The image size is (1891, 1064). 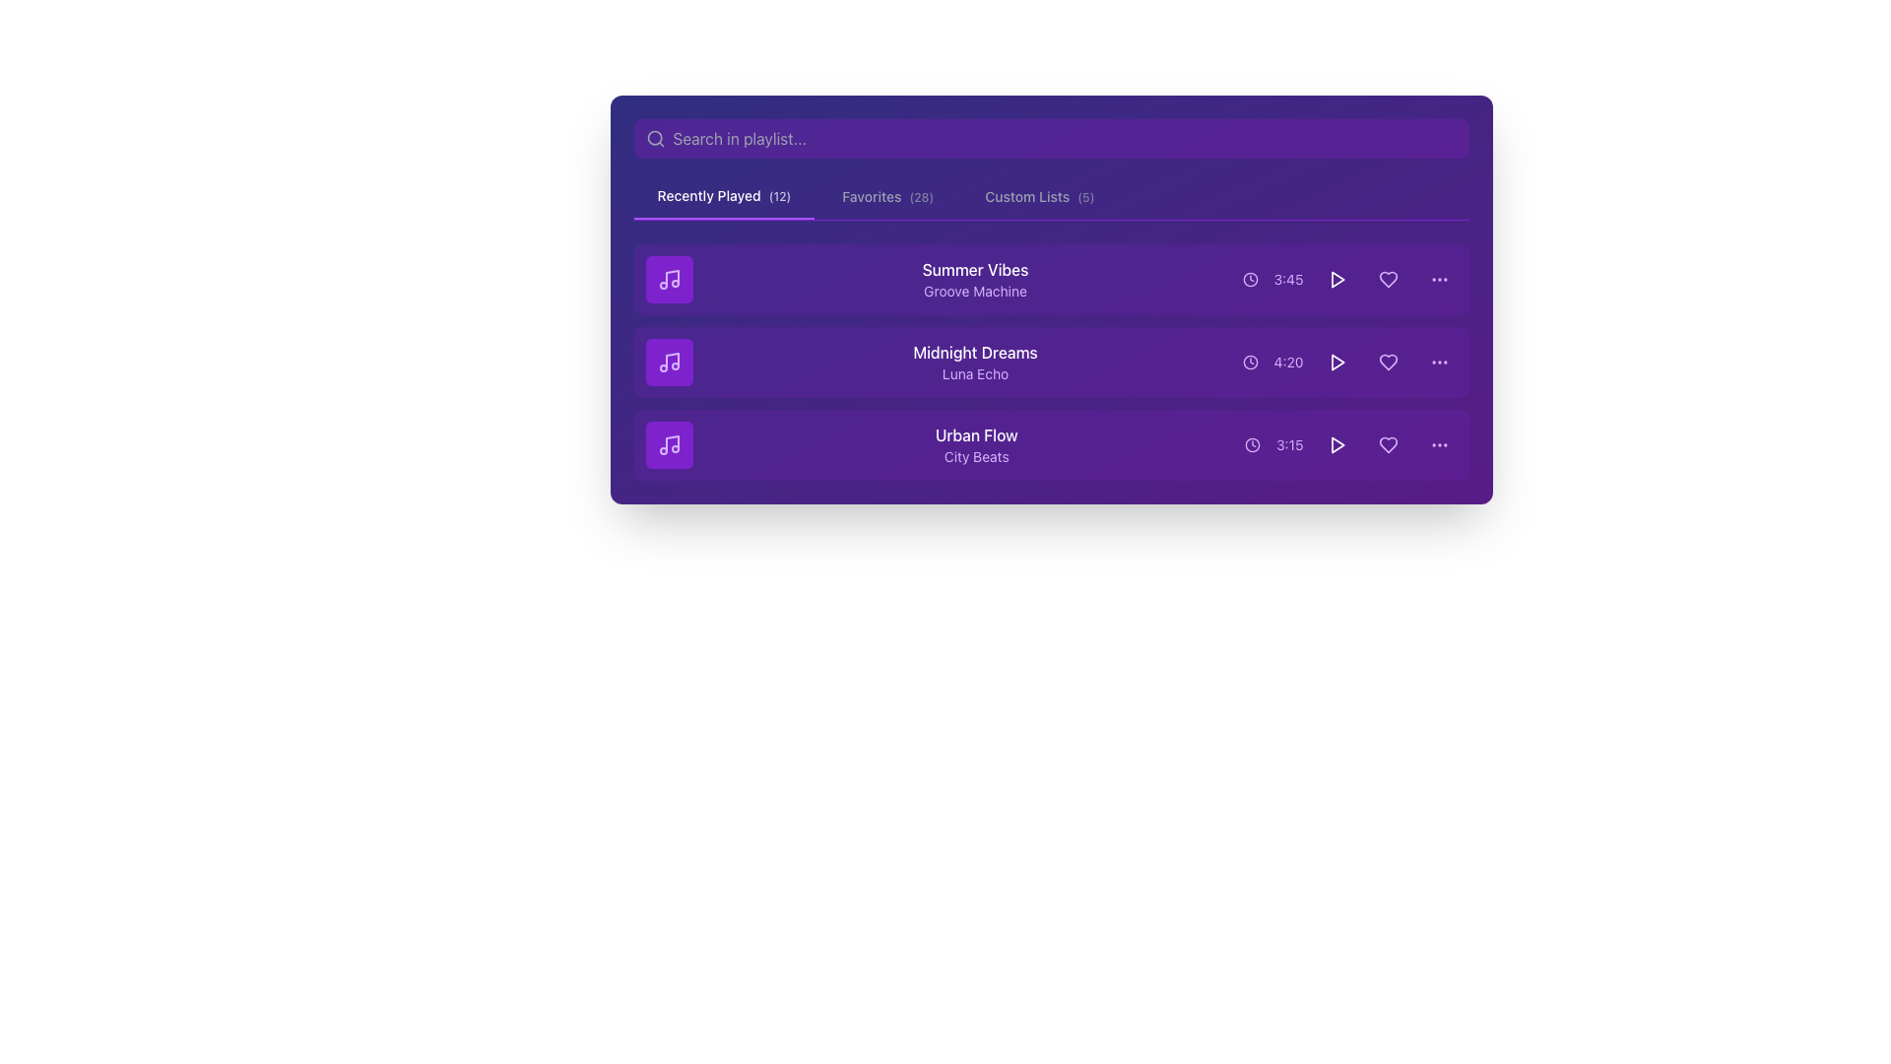 I want to click on the heart-shaped button icon with a hollow outline, styled in light purple, located in the second row of the playlist interface next to the play button for the song 'Midnight Dreams', so click(x=1387, y=362).